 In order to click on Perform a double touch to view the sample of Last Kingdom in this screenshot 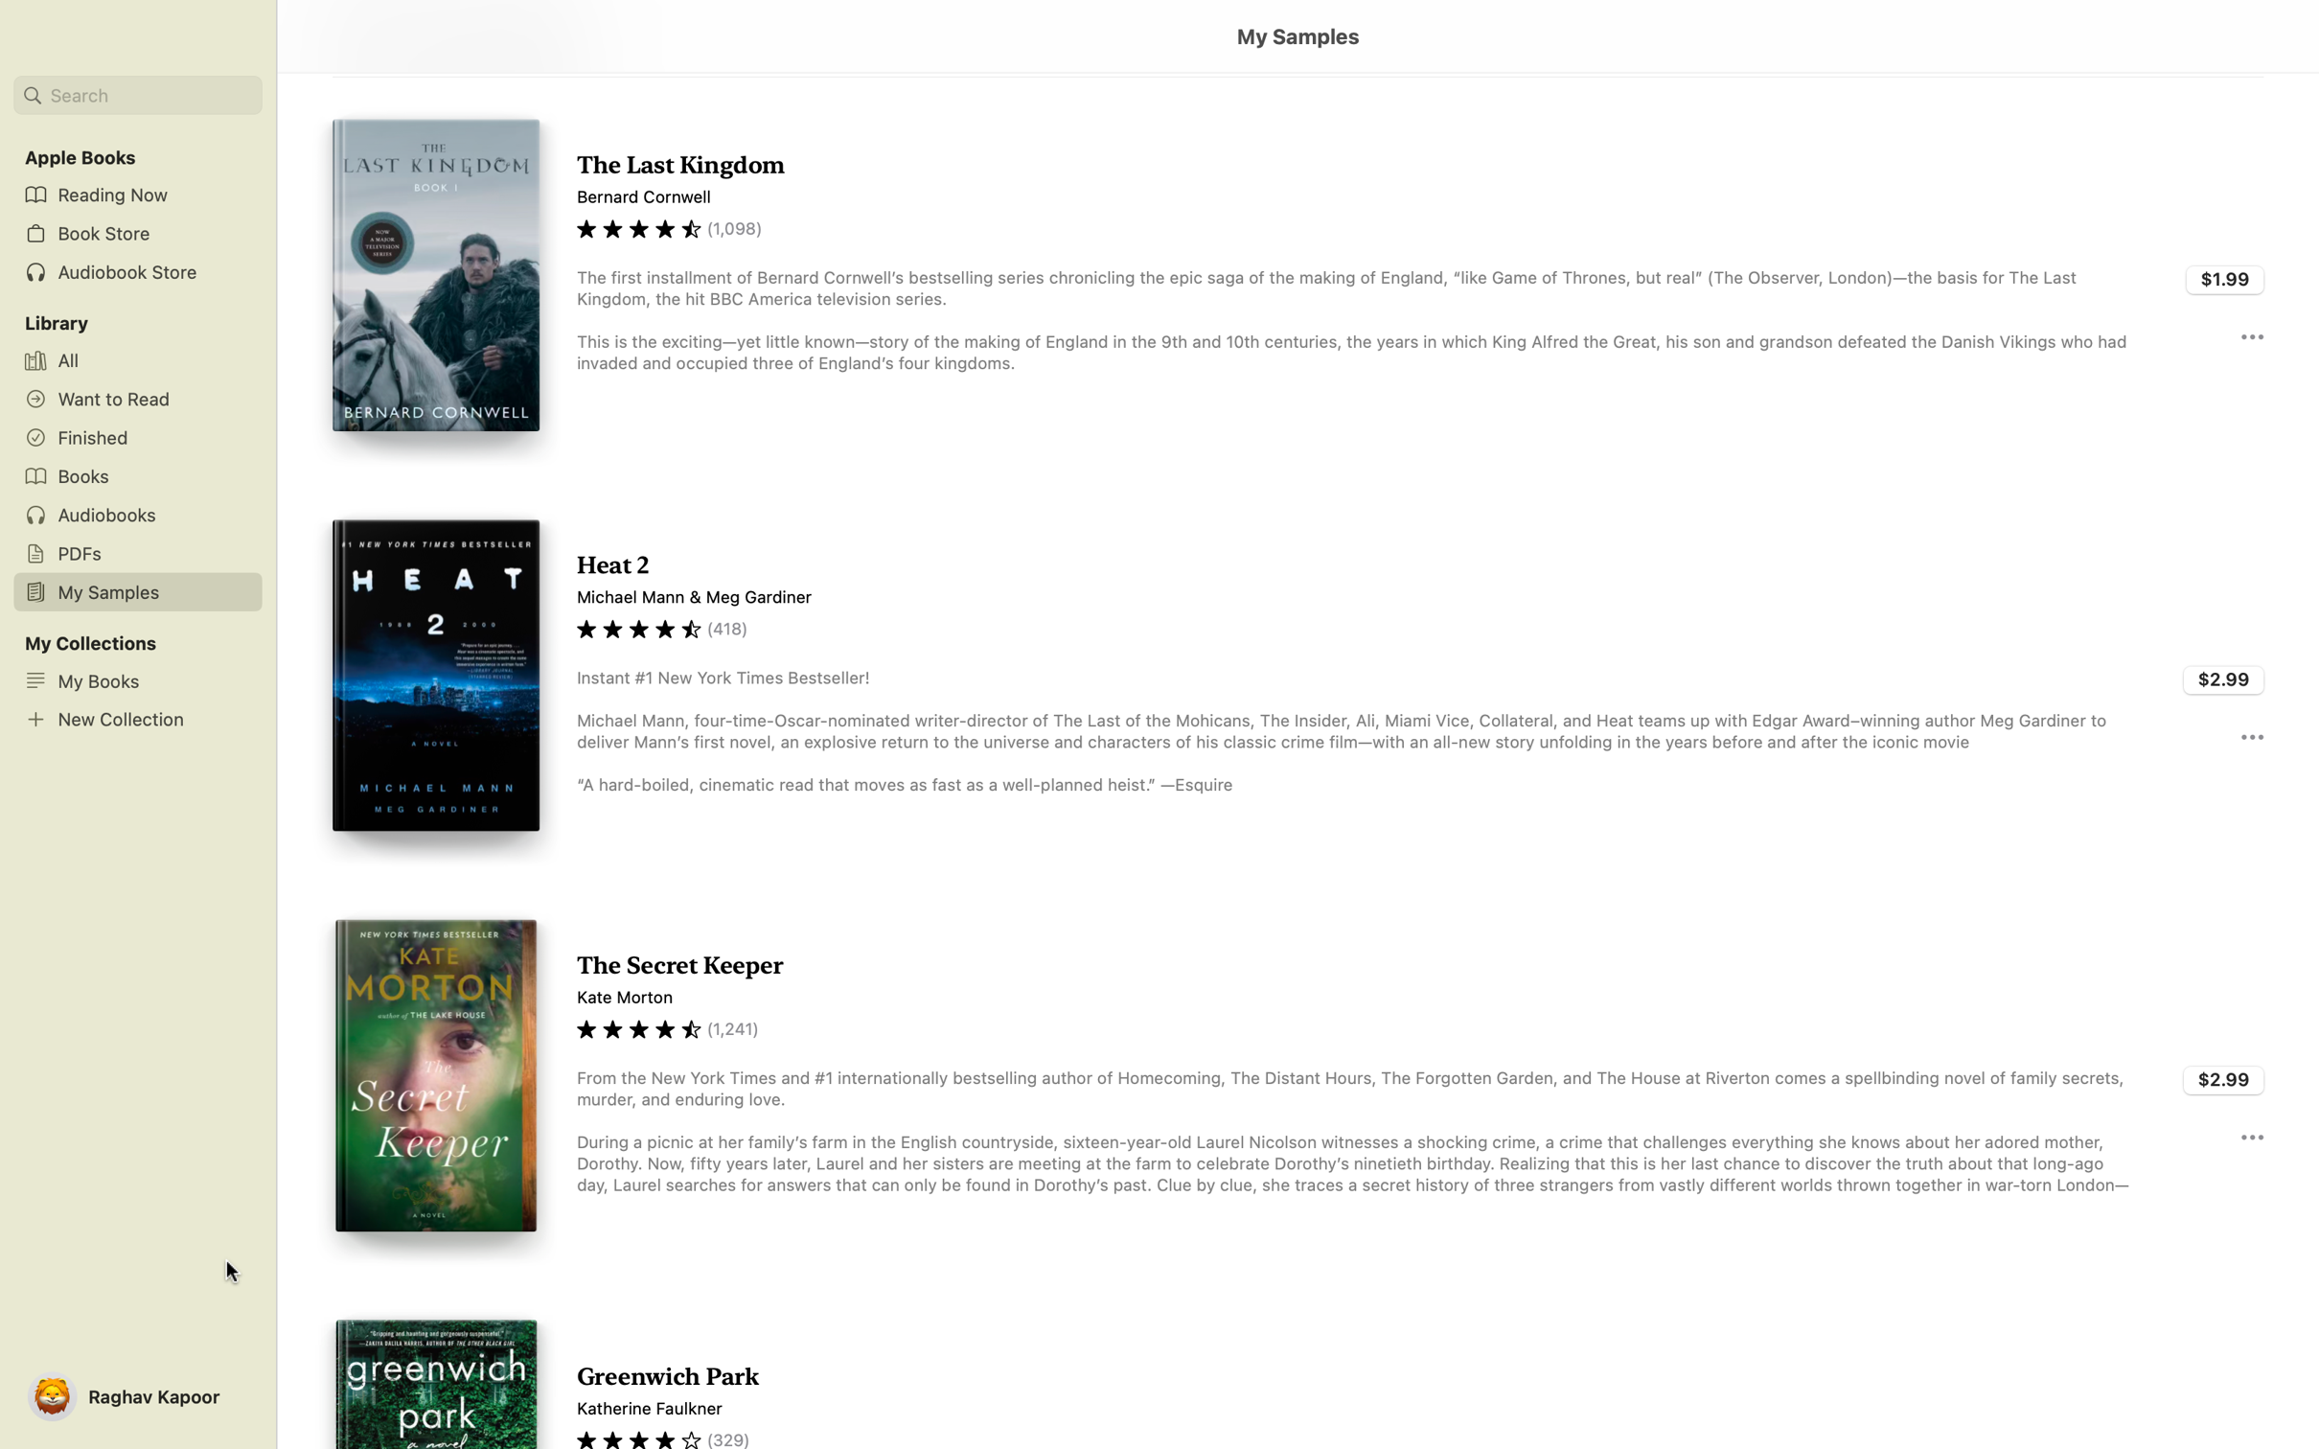, I will do `click(1297, 277)`.